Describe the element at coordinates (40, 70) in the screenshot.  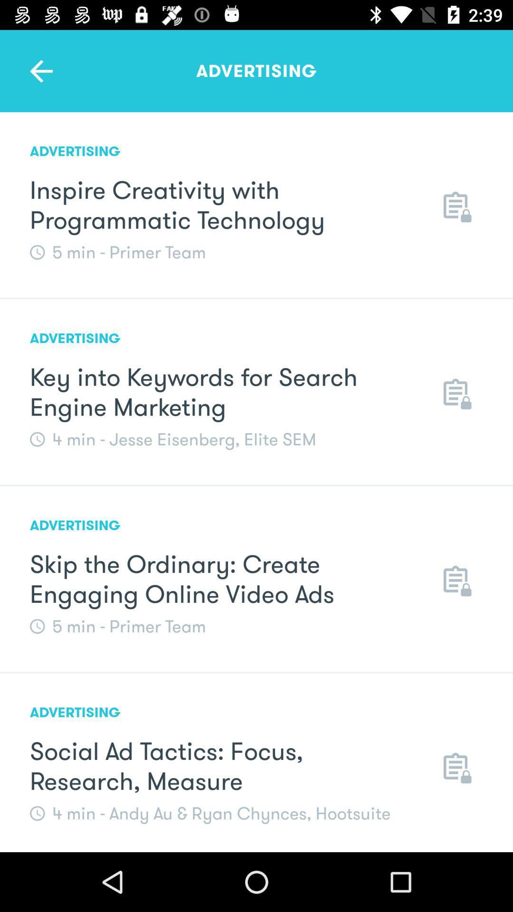
I see `the arrow_backward icon` at that location.